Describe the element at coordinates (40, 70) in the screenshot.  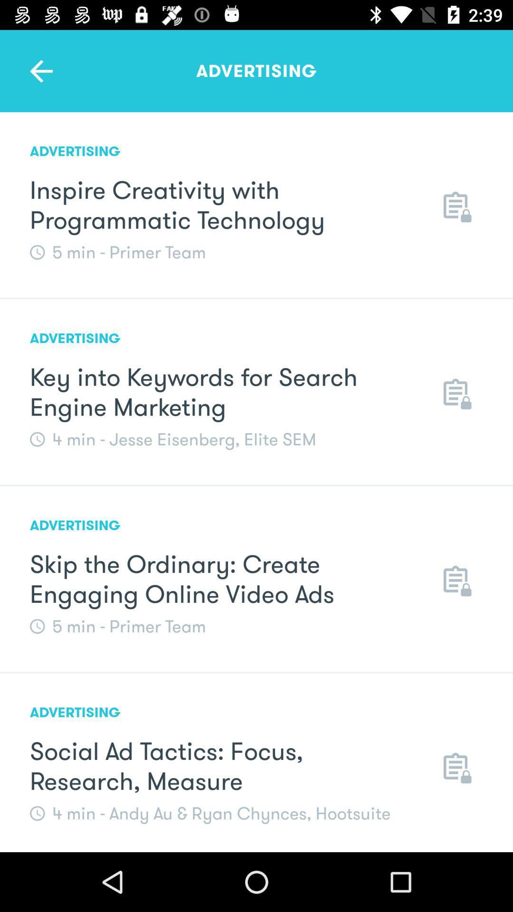
I see `the arrow_backward icon` at that location.